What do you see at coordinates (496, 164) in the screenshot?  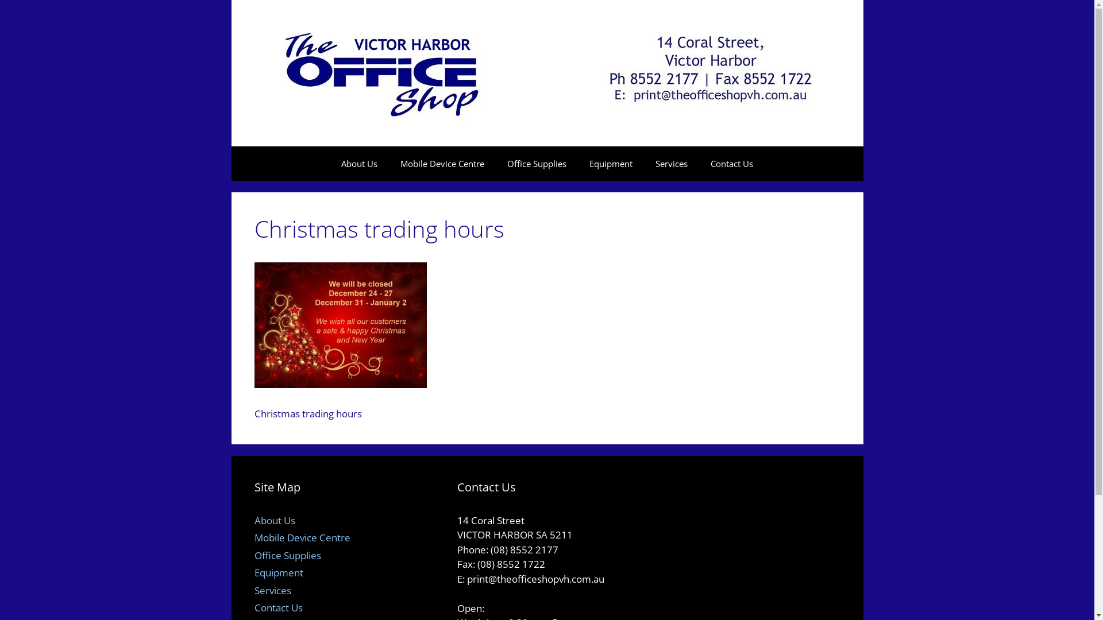 I see `'Office Supplies'` at bounding box center [496, 164].